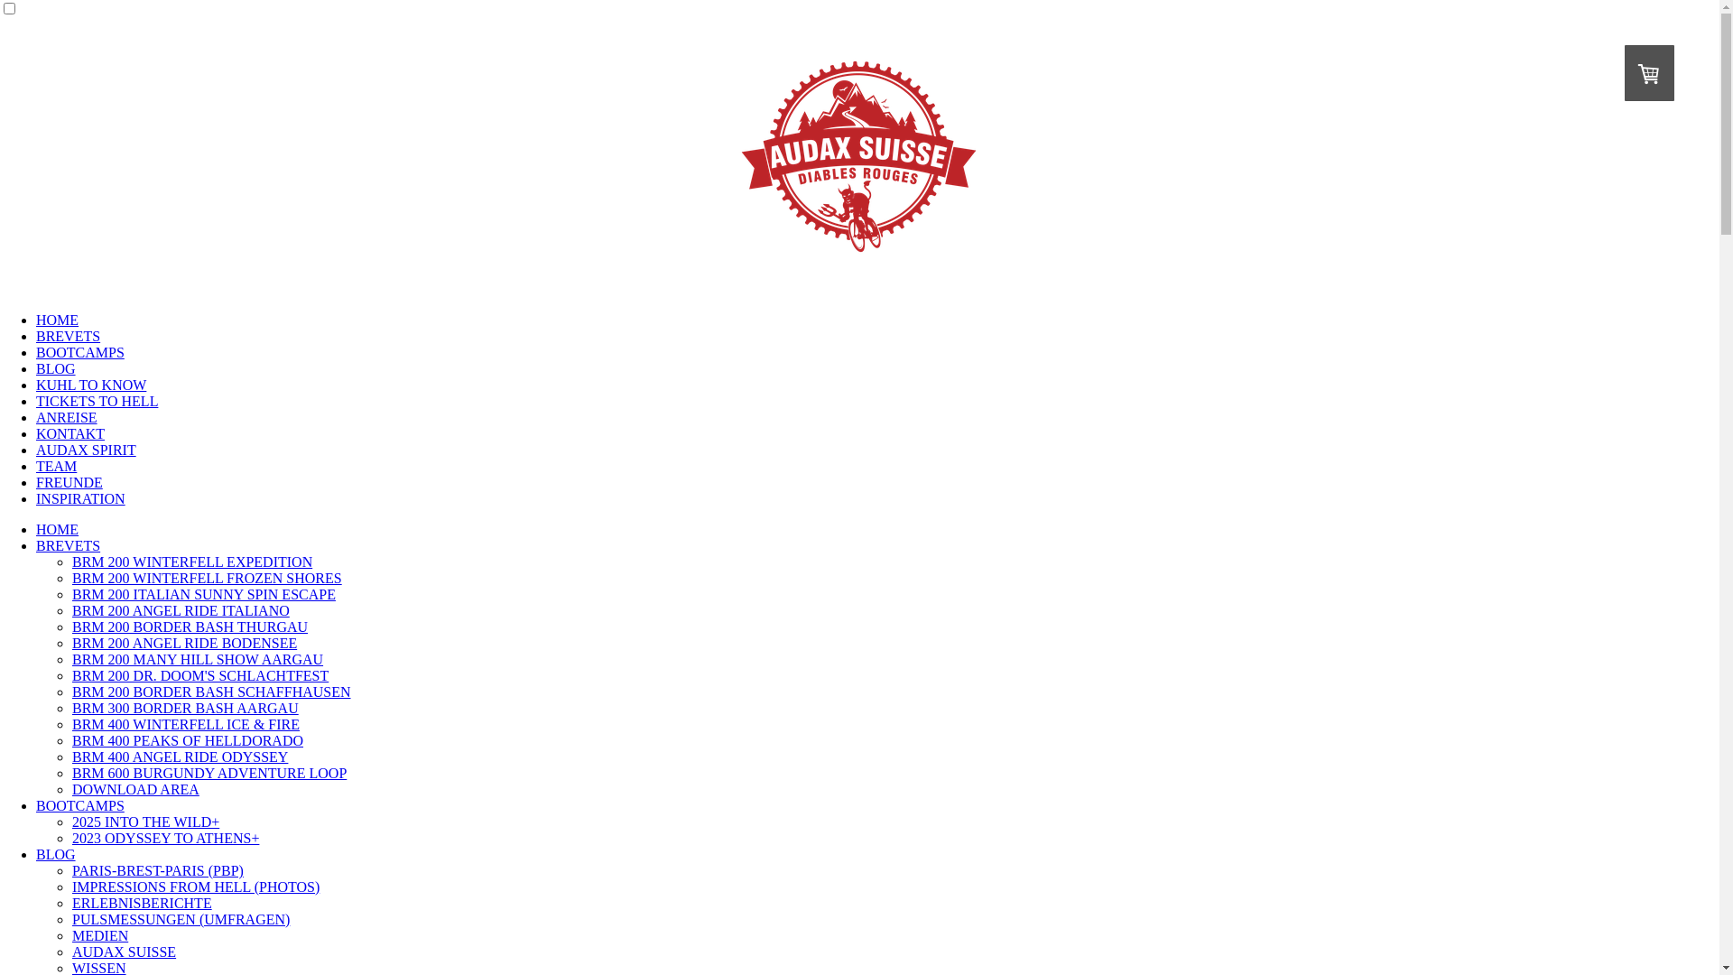 This screenshot has width=1733, height=975. I want to click on 'BRM 200 MANY HILL SHOW AARGAU', so click(198, 659).